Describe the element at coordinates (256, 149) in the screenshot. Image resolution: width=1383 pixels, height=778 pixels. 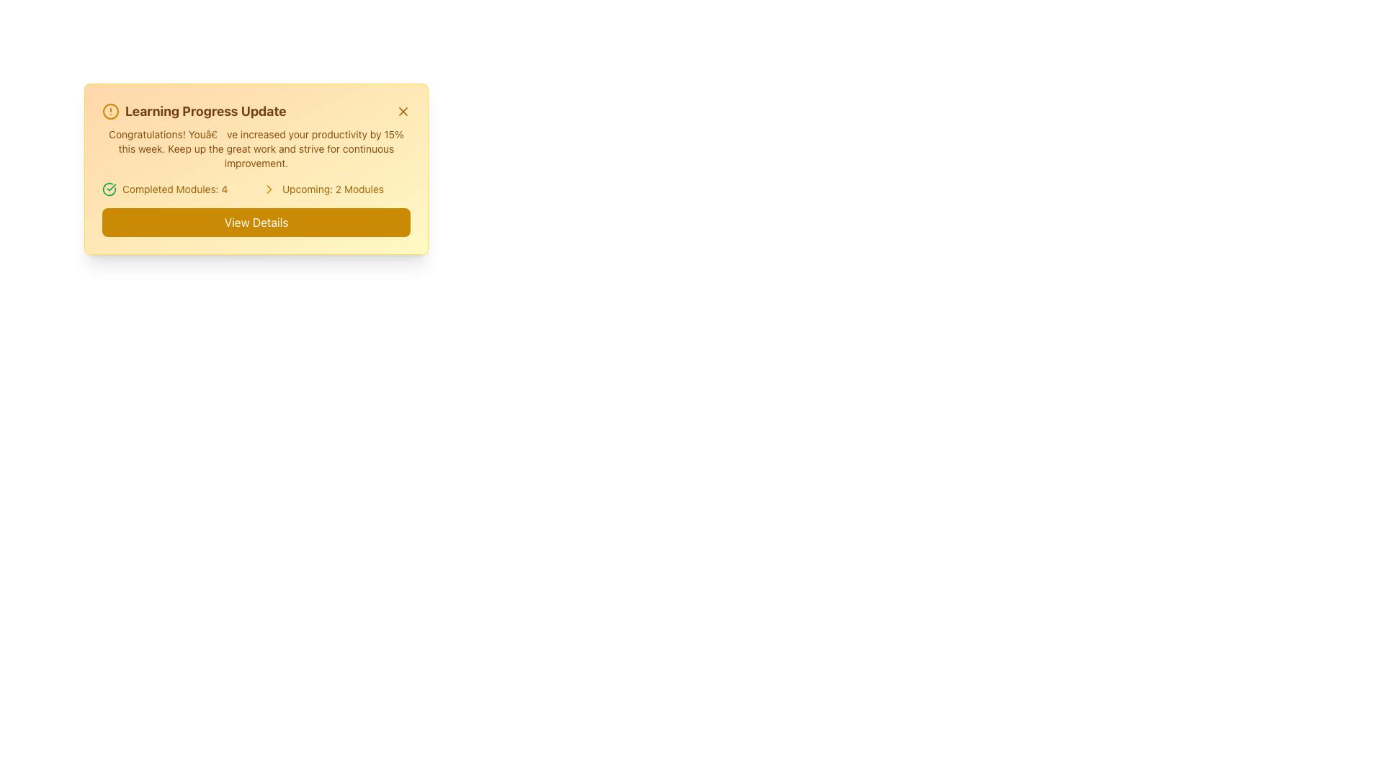
I see `the static text content that provides informative feedback about user progress, located below the 'Learning Progress Update' heading` at that location.